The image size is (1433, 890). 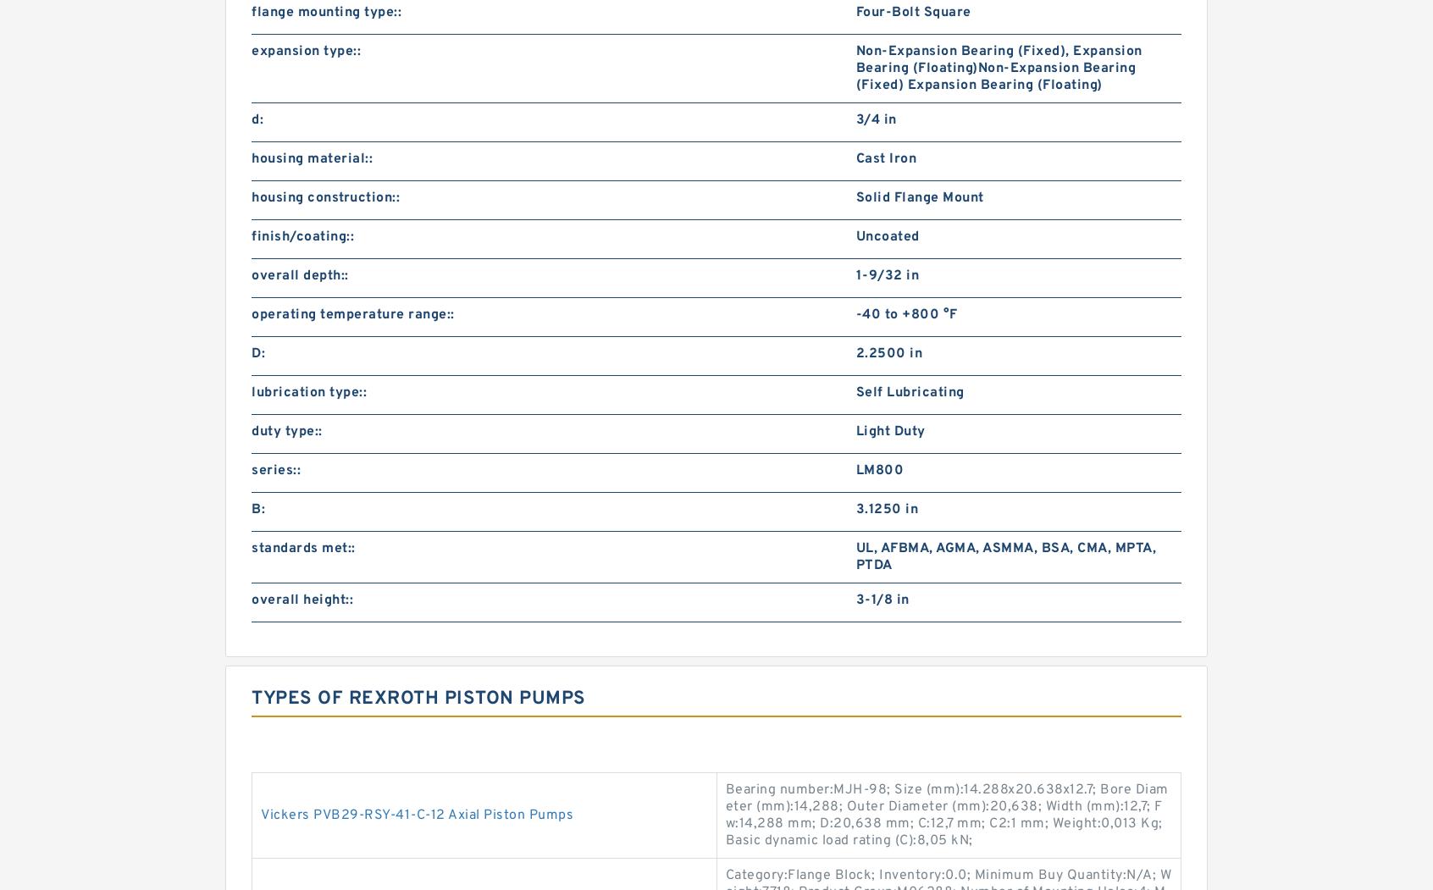 I want to click on 'Vickers PVB29-RSY-41-C-12 Axial Piston Pumps', so click(x=416, y=815).